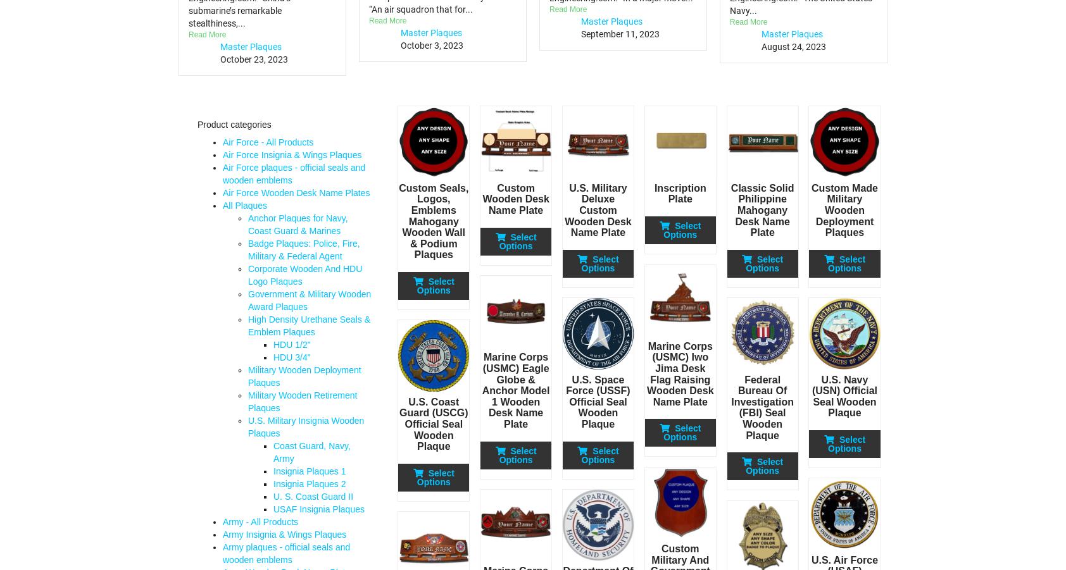 Image resolution: width=1066 pixels, height=570 pixels. I want to click on 'Army - All Products', so click(260, 521).